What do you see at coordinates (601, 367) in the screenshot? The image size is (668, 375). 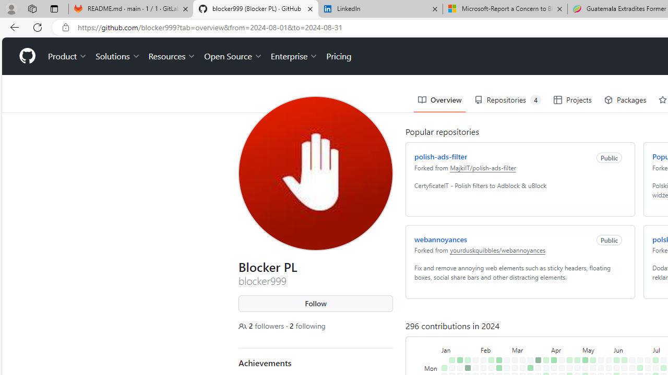 I see `'No contributions on May 20th.'` at bounding box center [601, 367].